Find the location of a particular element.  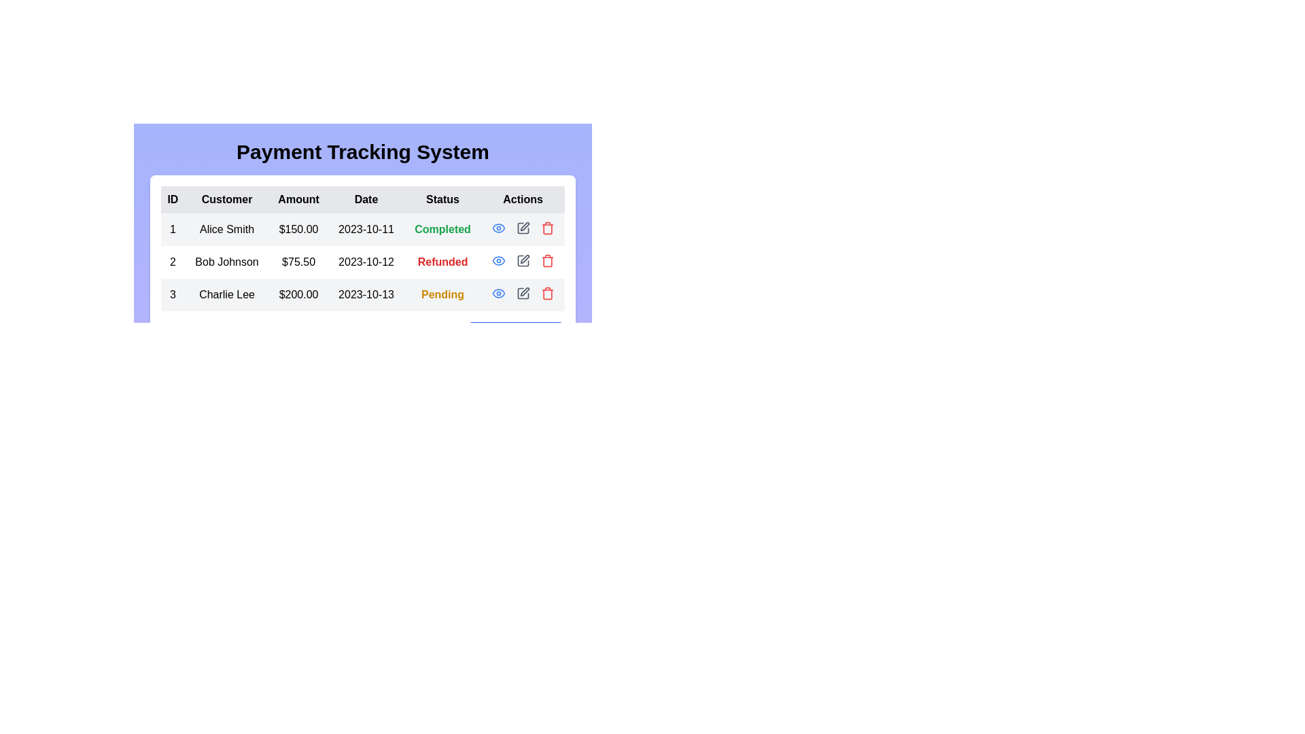

the static text displaying the date '2023-10-11' in the fourth column of the first row of the payment information table for Alice Smith is located at coordinates (366, 229).